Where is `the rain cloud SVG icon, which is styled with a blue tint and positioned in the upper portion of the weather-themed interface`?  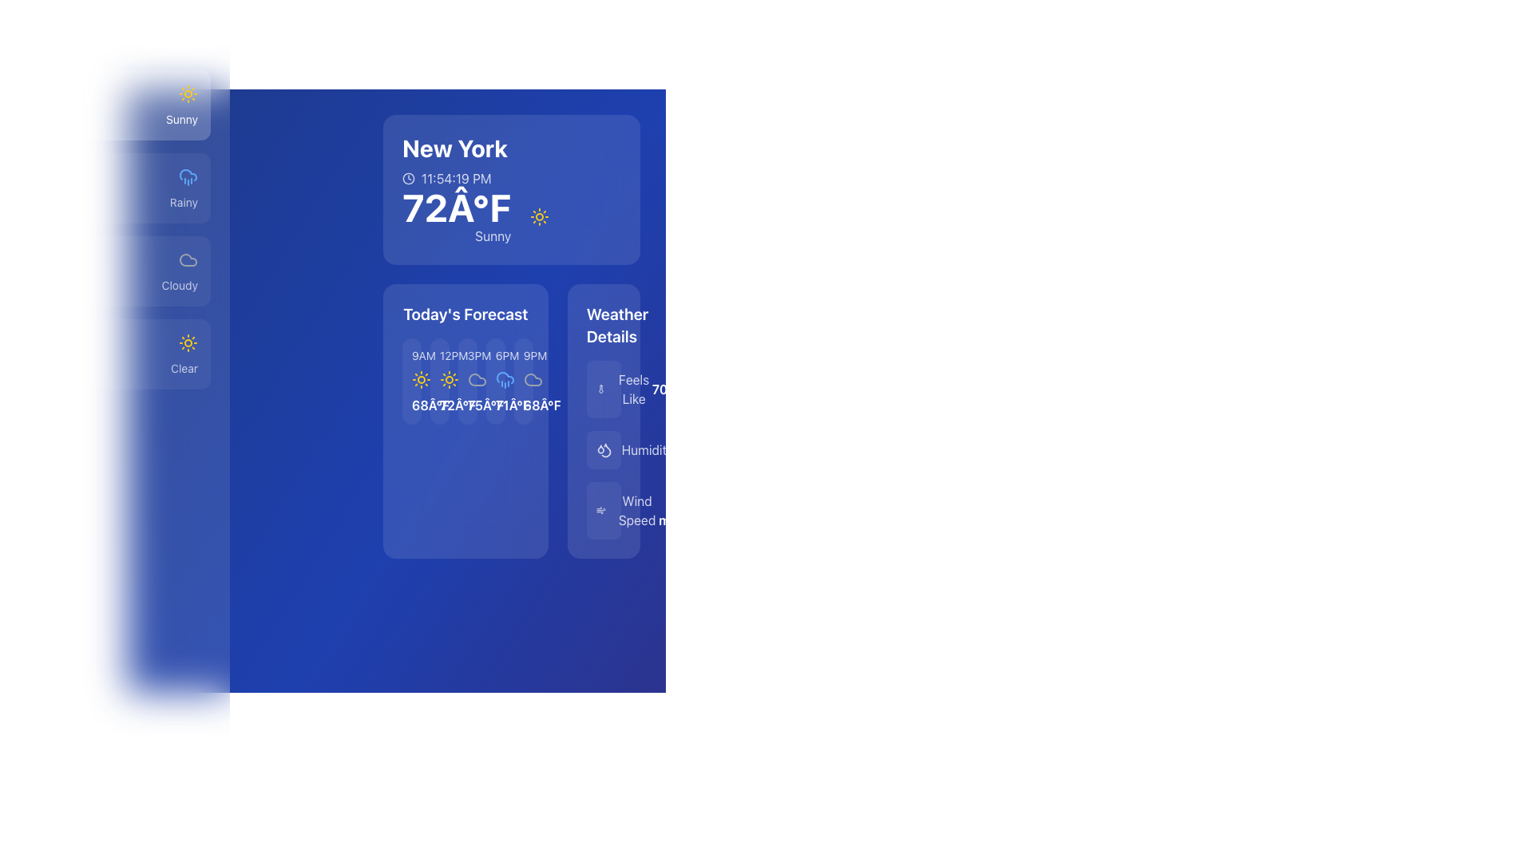 the rain cloud SVG icon, which is styled with a blue tint and positioned in the upper portion of the weather-themed interface is located at coordinates (504, 378).